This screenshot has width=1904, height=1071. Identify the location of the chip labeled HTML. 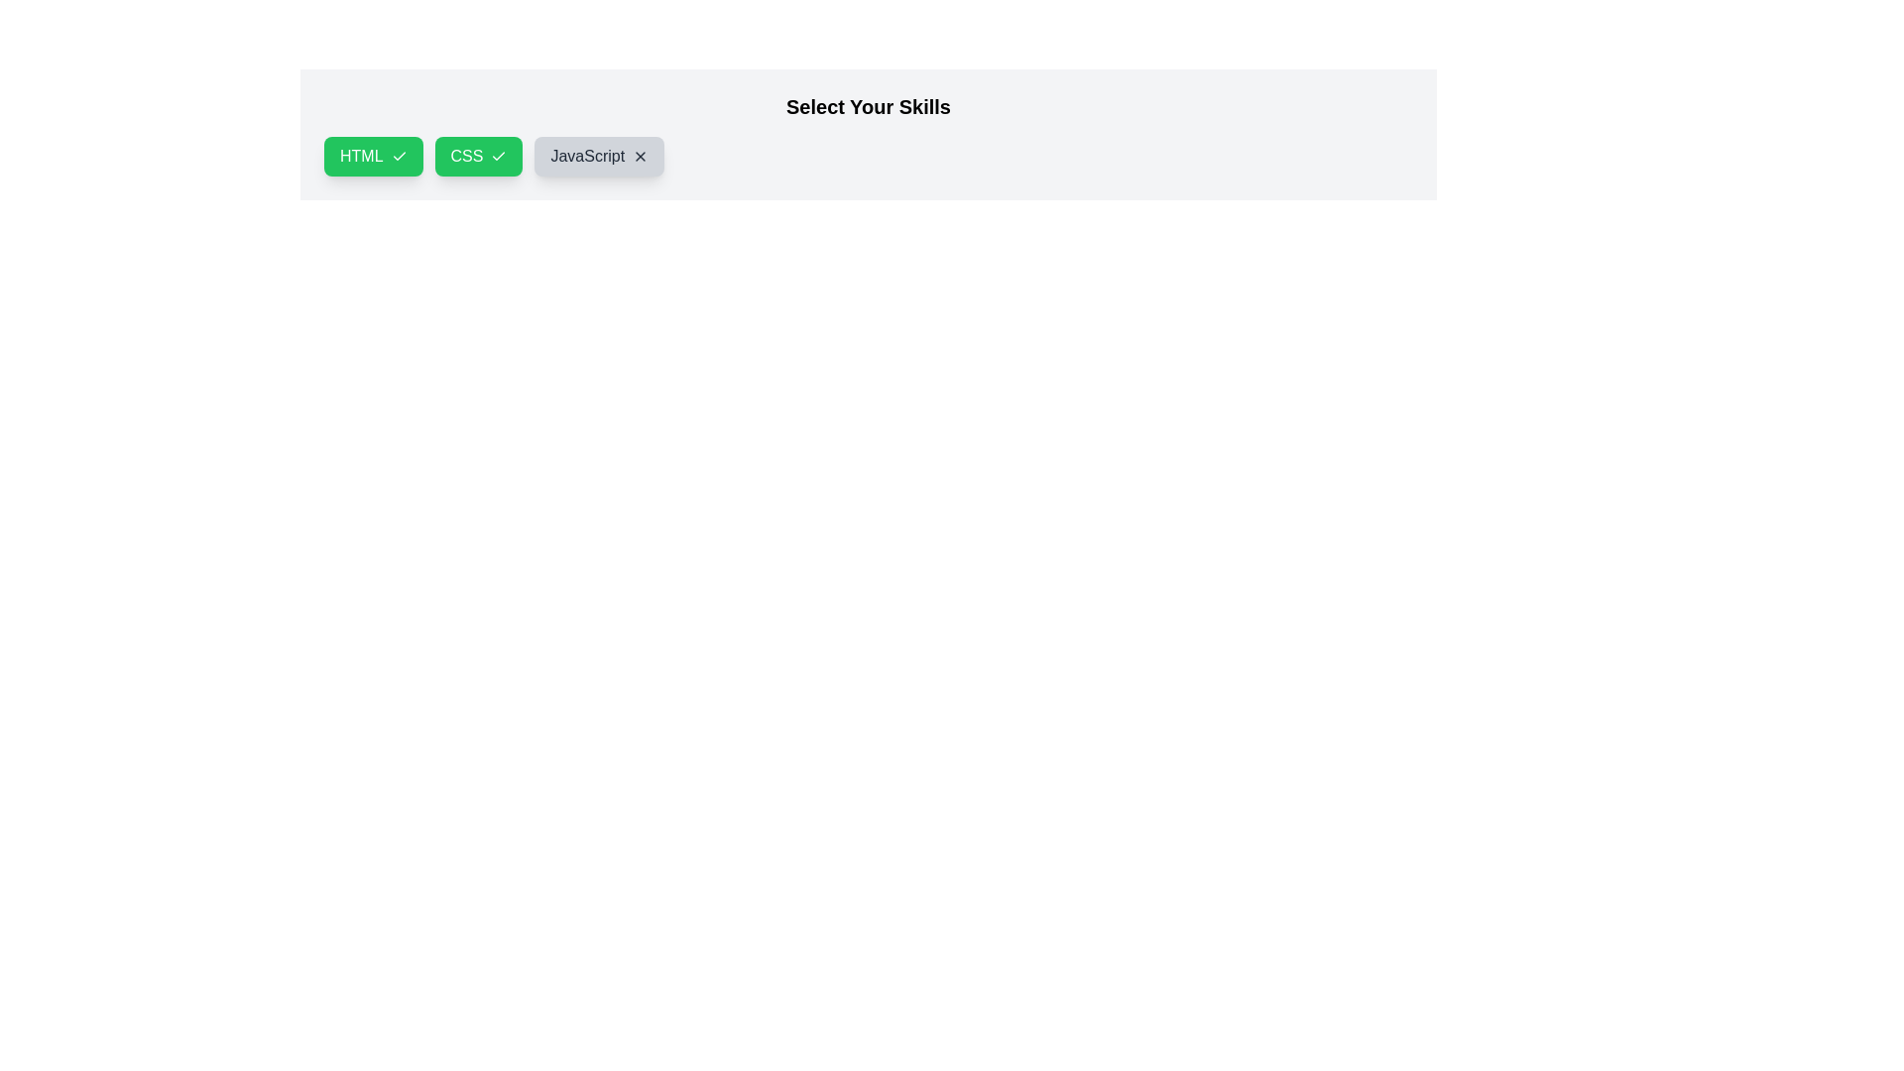
(372, 156).